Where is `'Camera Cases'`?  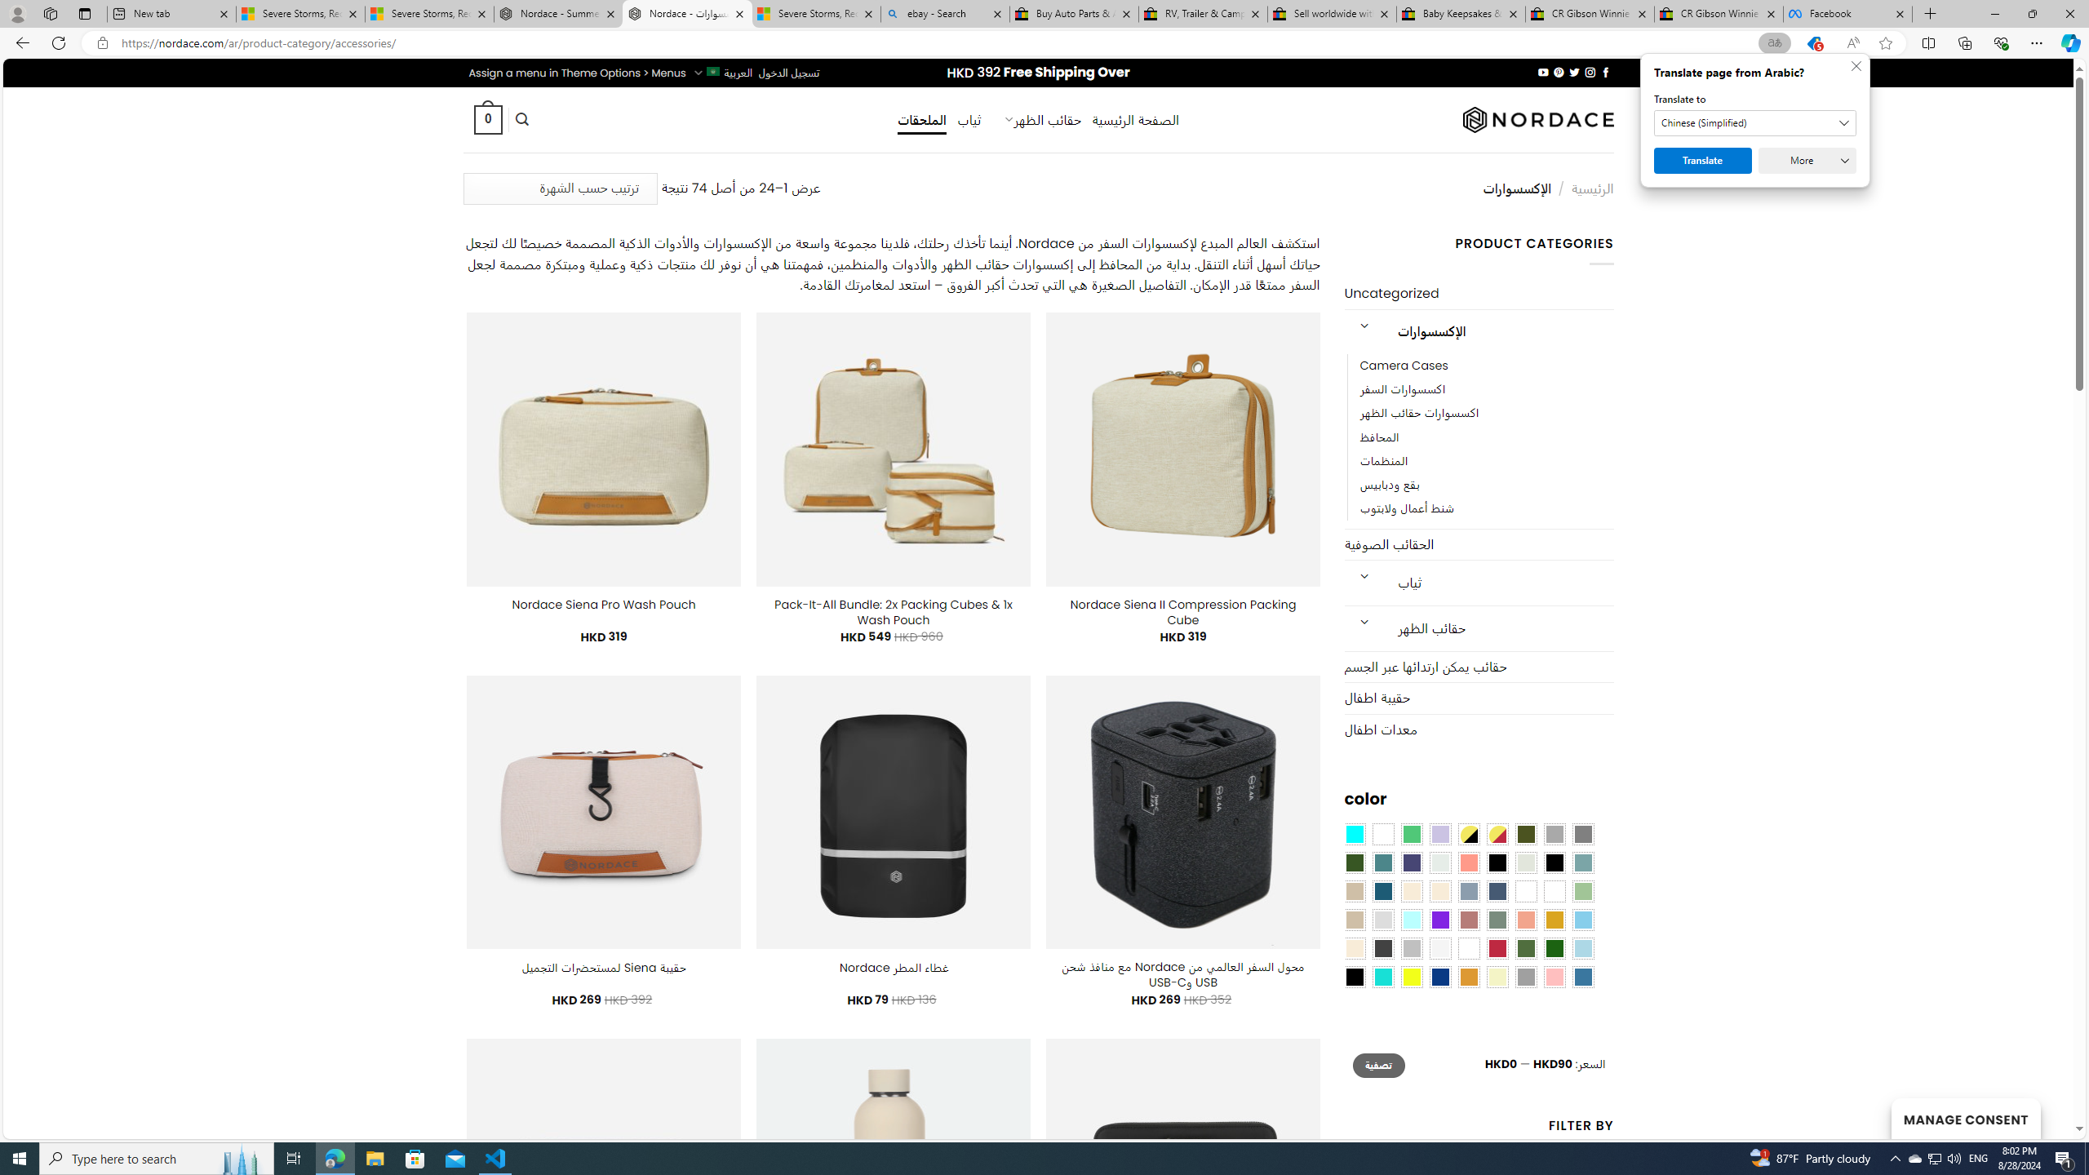
'Camera Cases' is located at coordinates (1487, 366).